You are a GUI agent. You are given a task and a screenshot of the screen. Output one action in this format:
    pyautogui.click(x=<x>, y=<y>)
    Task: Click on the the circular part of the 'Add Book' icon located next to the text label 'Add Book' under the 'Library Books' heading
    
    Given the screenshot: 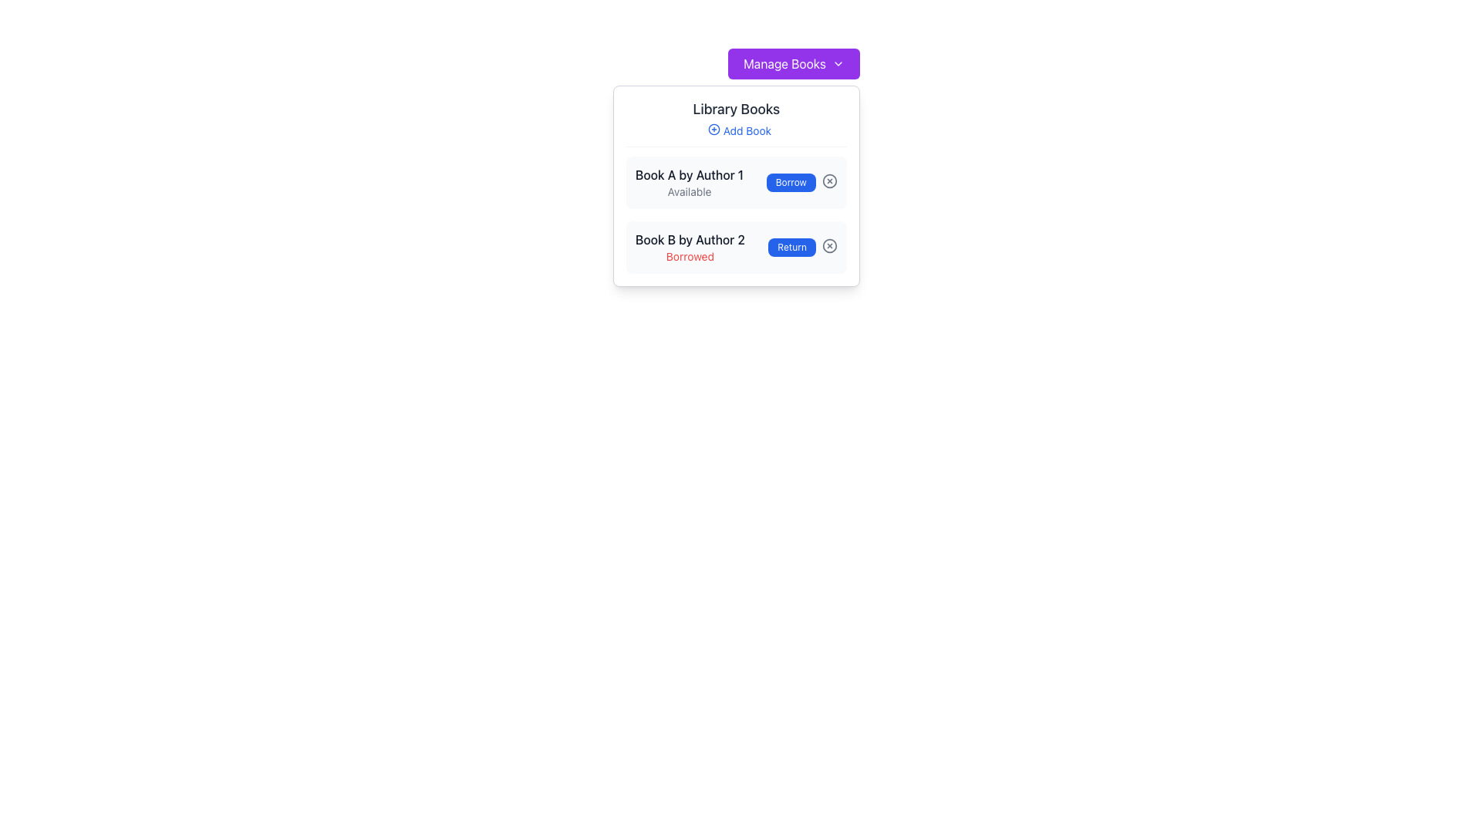 What is the action you would take?
    pyautogui.click(x=713, y=129)
    